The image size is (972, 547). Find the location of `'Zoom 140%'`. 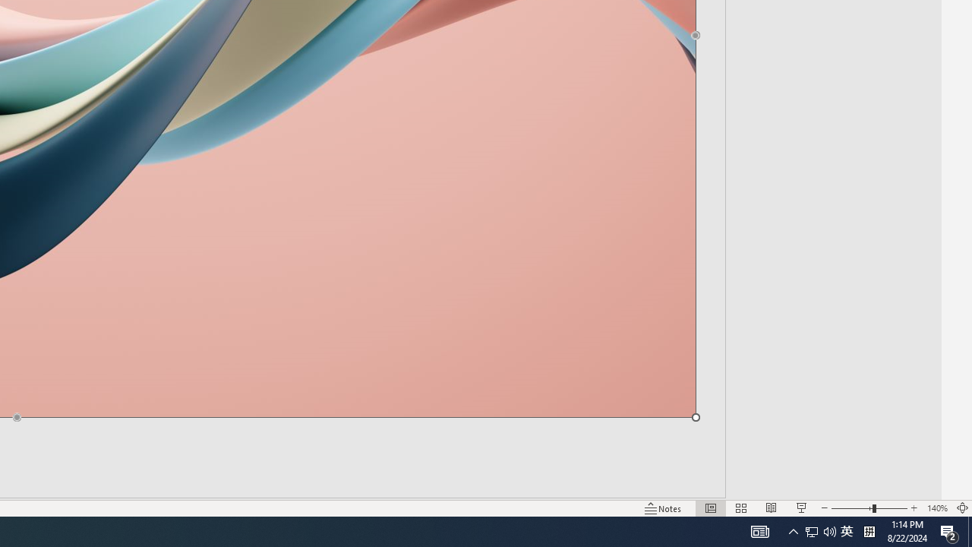

'Zoom 140%' is located at coordinates (936, 508).